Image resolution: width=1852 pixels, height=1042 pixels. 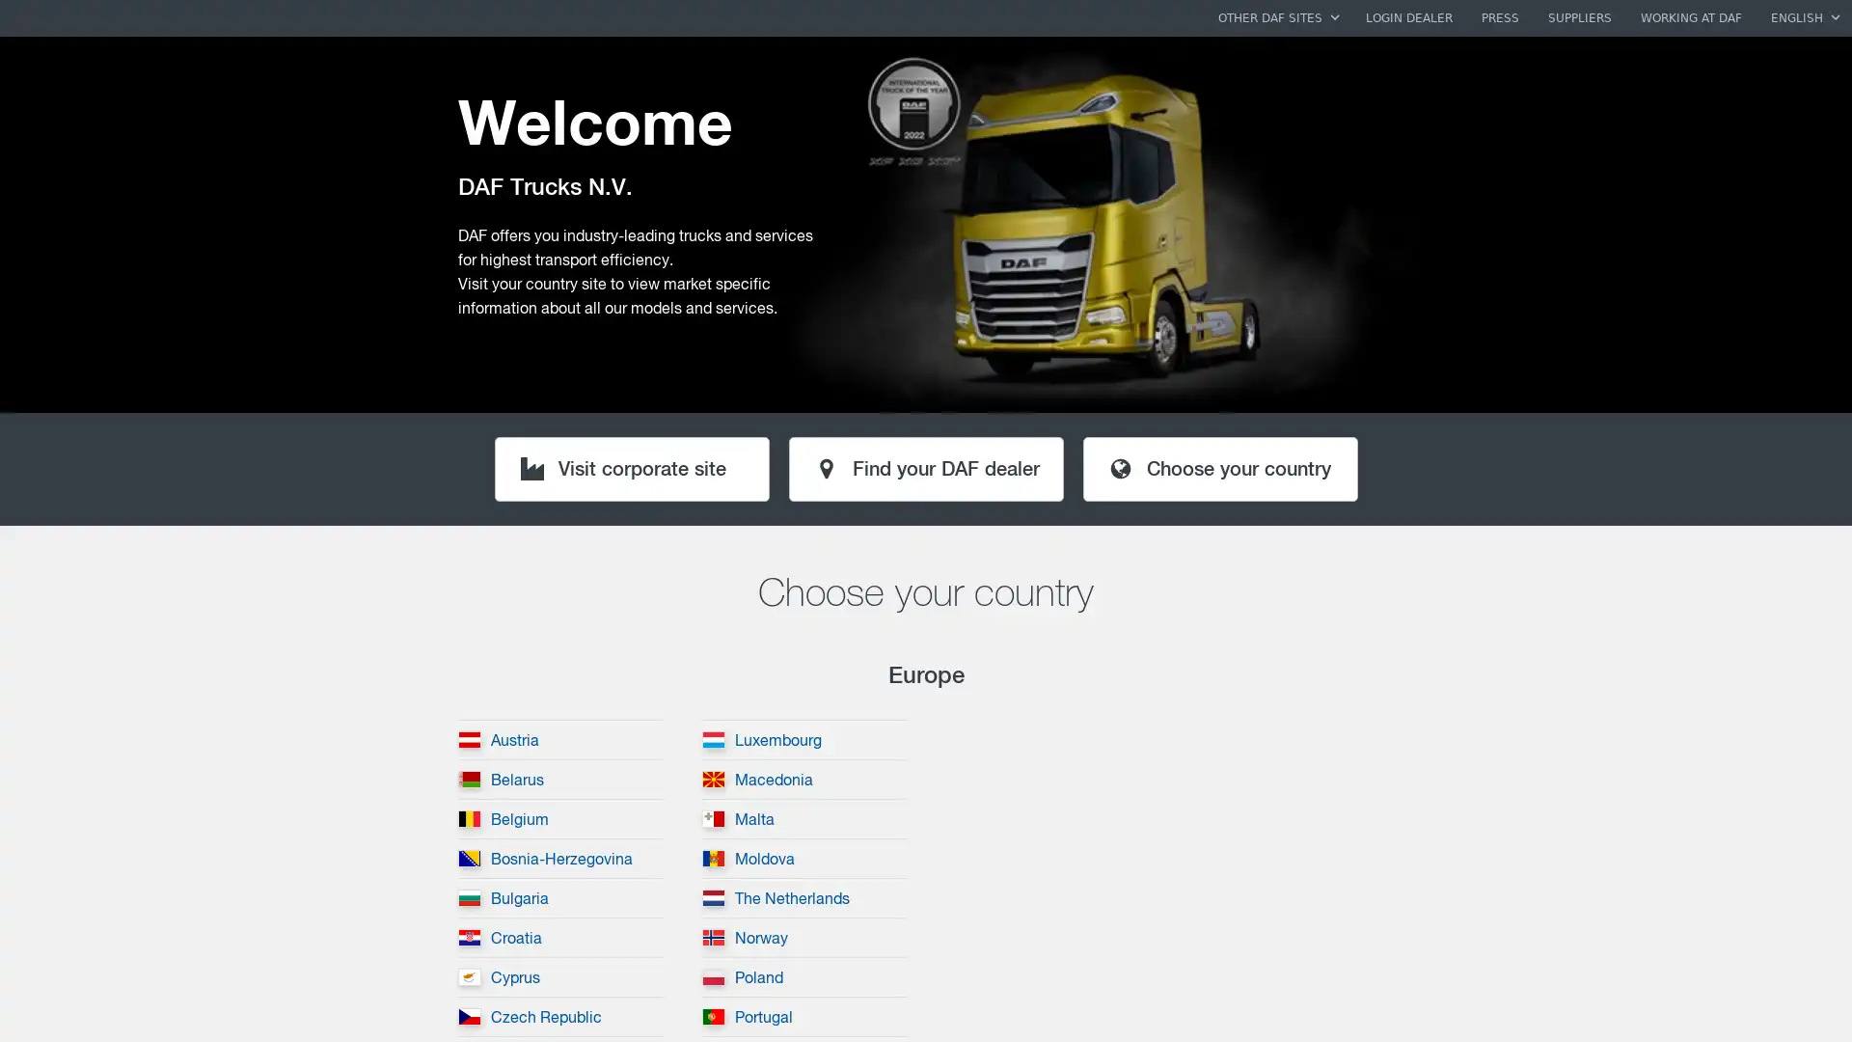 I want to click on Choose your country, so click(x=1218, y=469).